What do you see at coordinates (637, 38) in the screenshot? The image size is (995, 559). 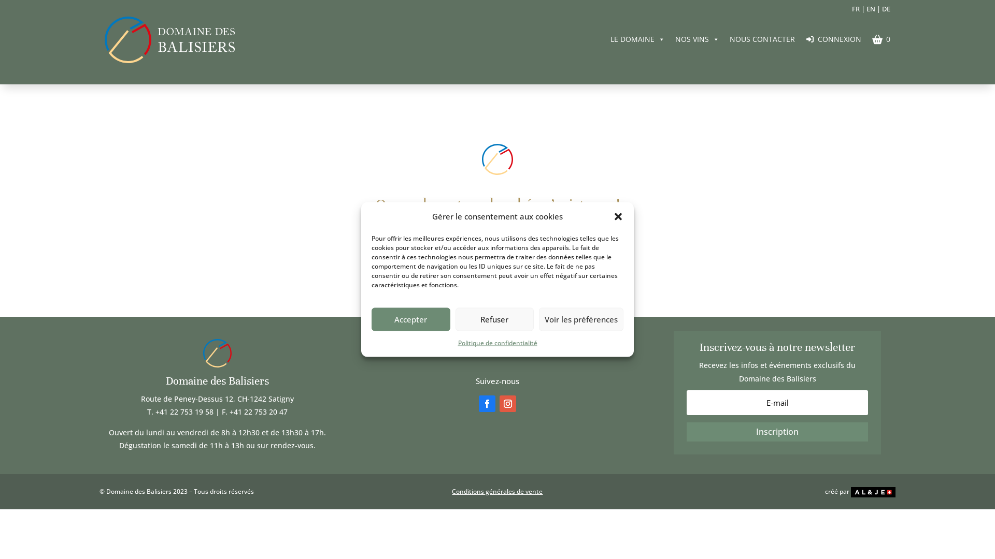 I see `'LE DOMAINE'` at bounding box center [637, 38].